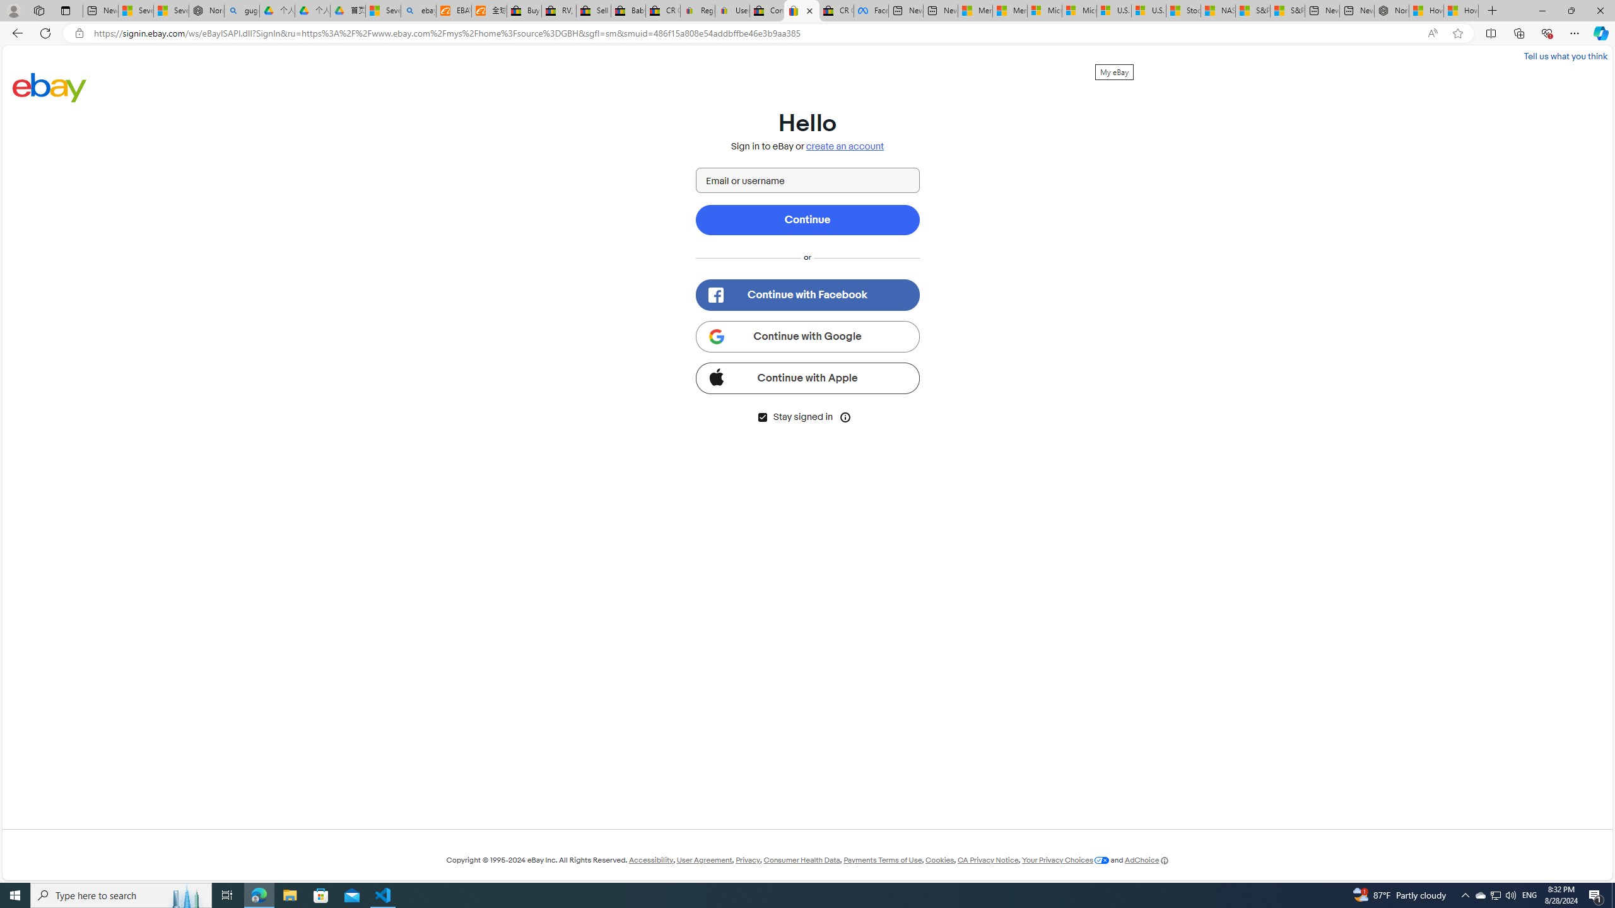  I want to click on 'Stay signed in', so click(761, 416).